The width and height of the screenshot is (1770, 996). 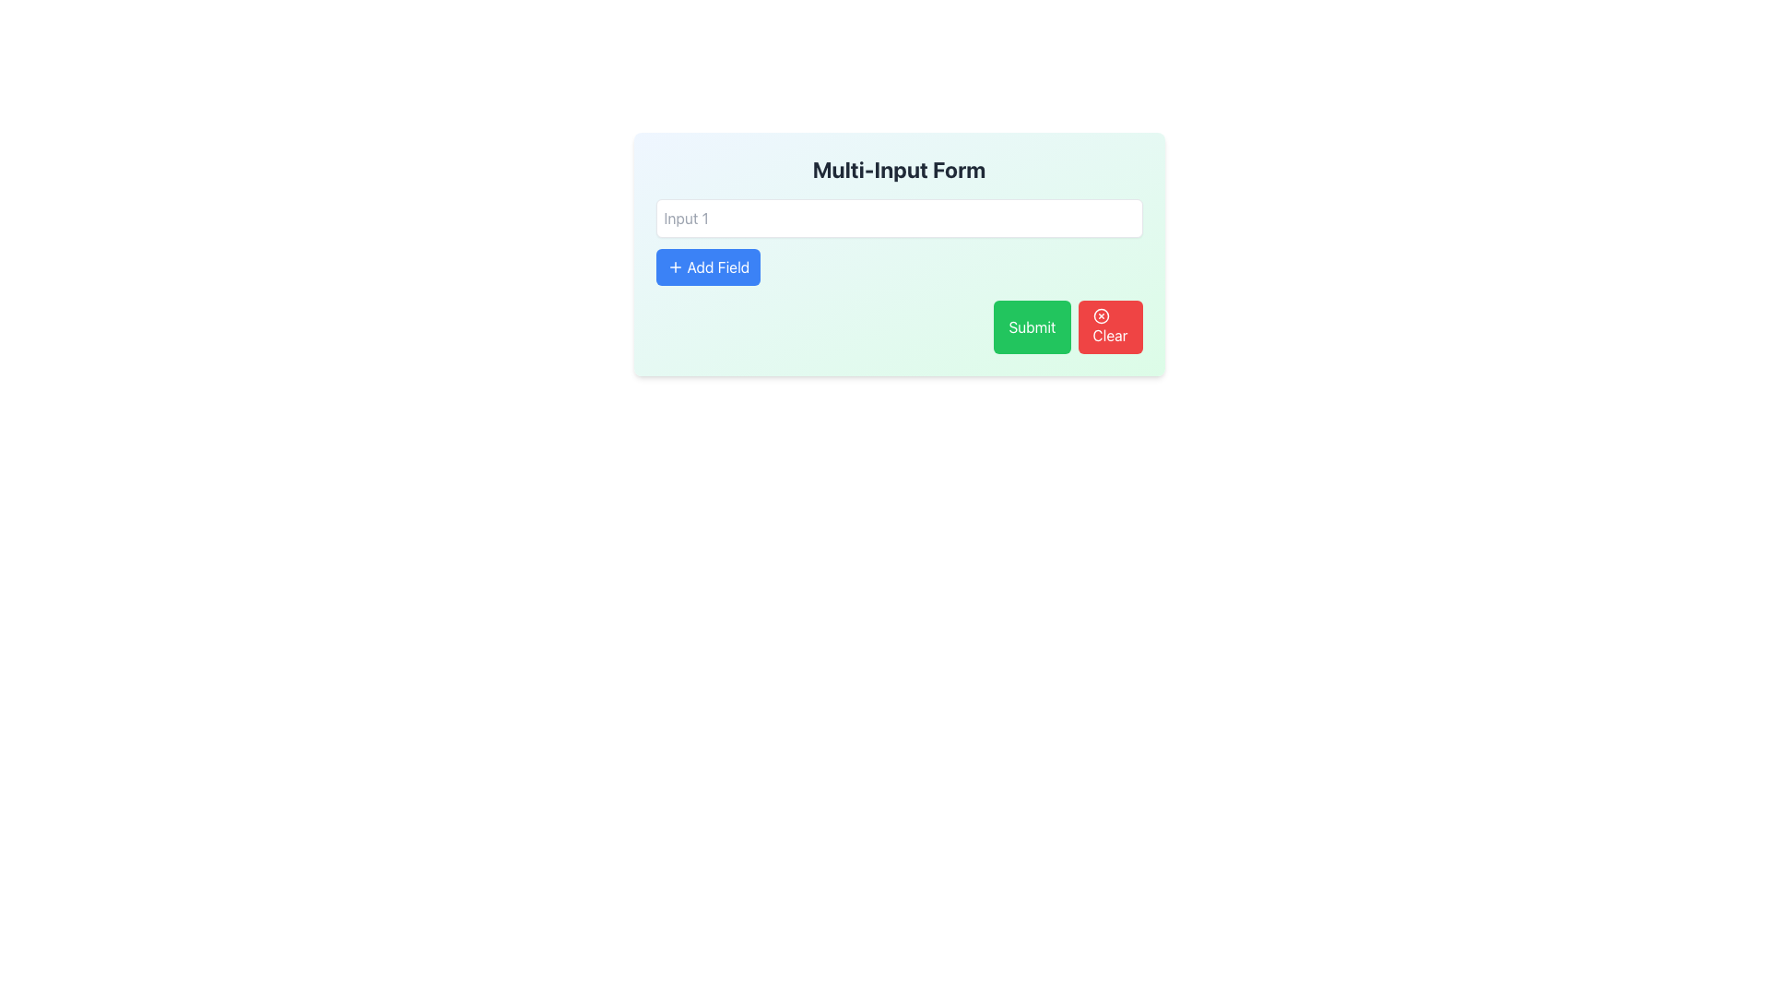 I want to click on the icon located within the 'Add Field' blue button, so click(x=674, y=267).